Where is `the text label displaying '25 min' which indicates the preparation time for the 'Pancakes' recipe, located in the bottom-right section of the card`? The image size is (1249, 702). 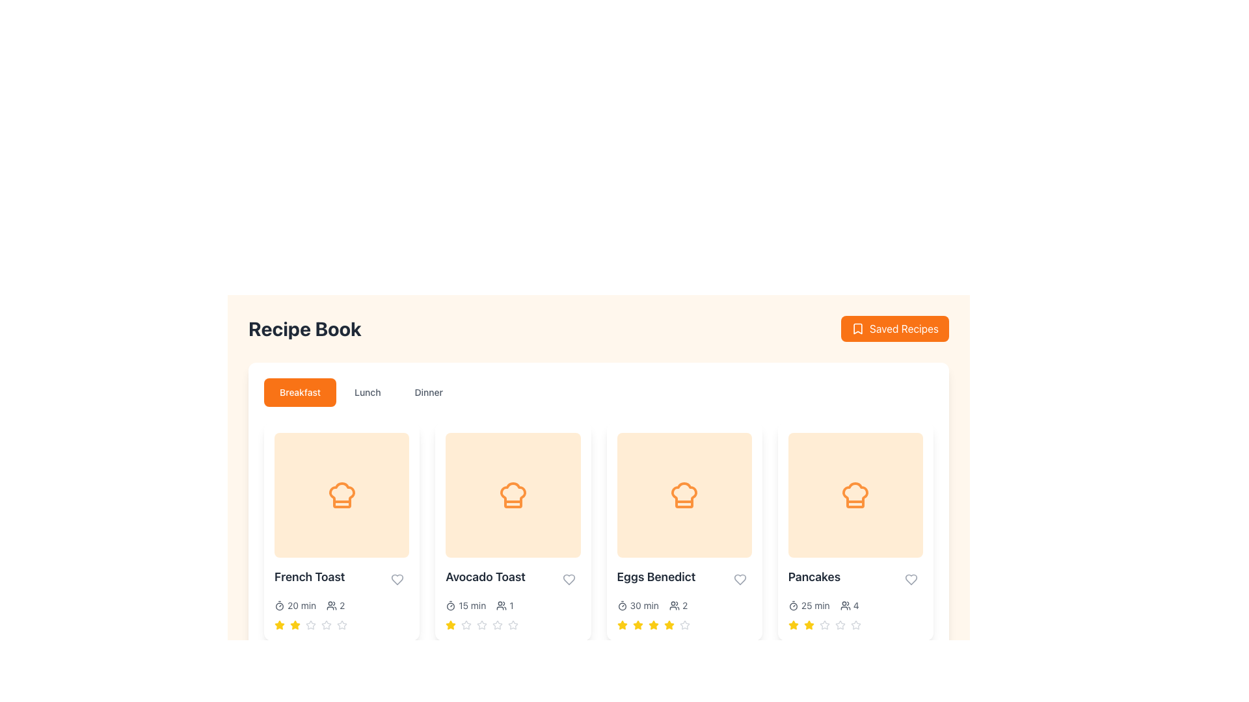
the text label displaying '25 min' which indicates the preparation time for the 'Pancakes' recipe, located in the bottom-right section of the card is located at coordinates (814, 606).